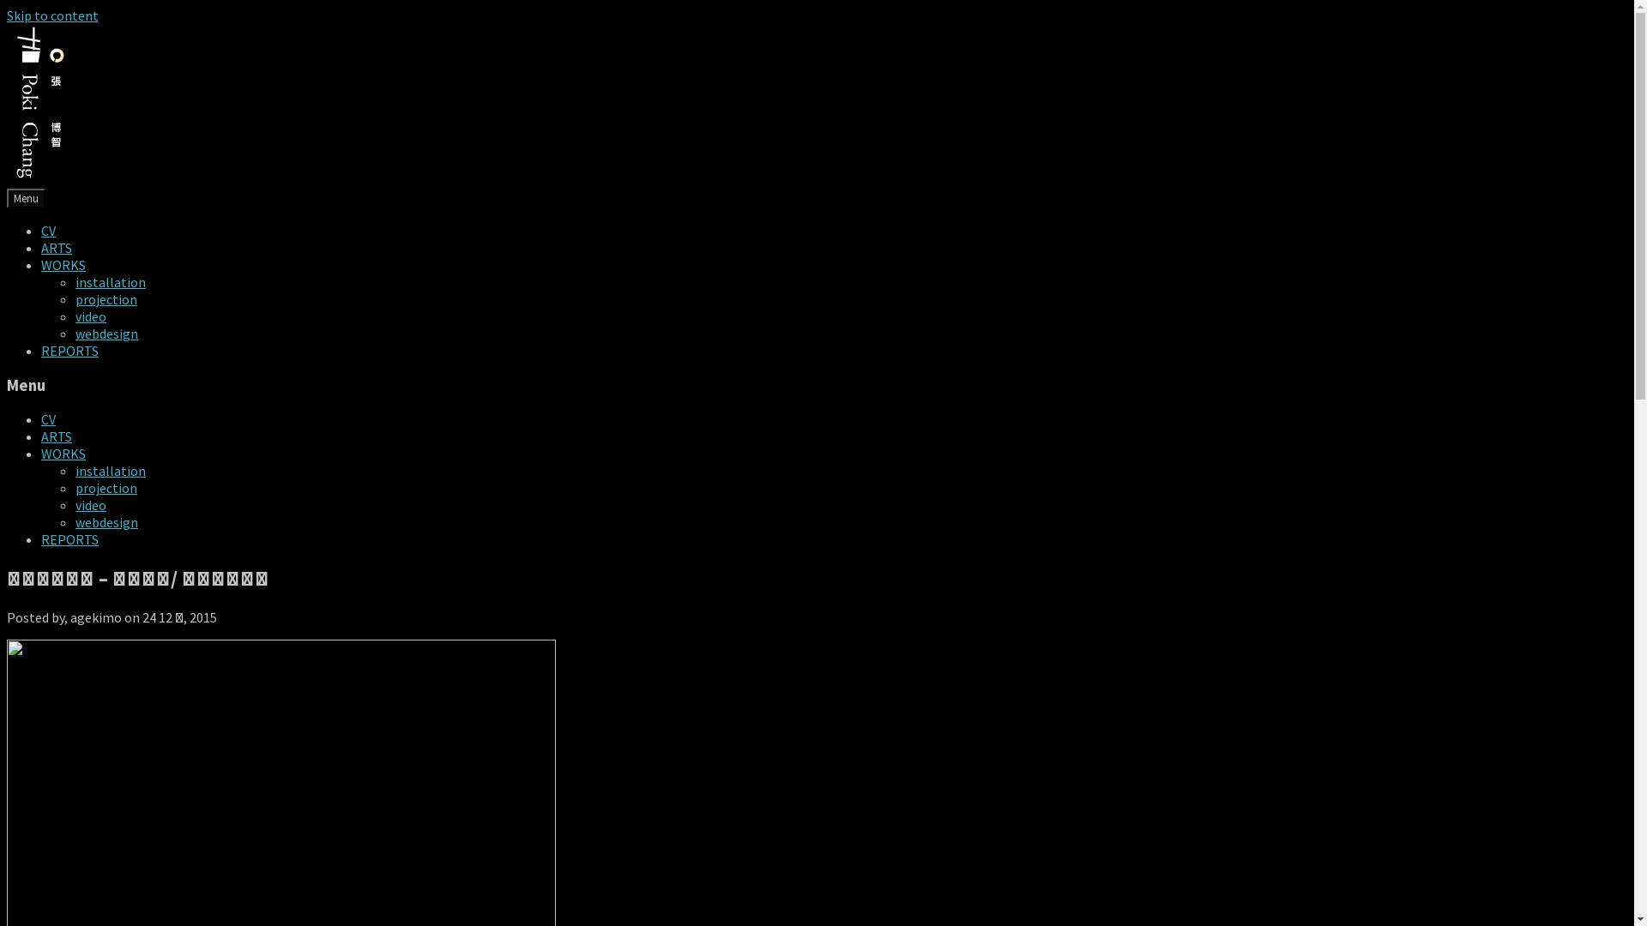 The image size is (1647, 926). Describe the element at coordinates (106, 521) in the screenshot. I see `'webdesign'` at that location.